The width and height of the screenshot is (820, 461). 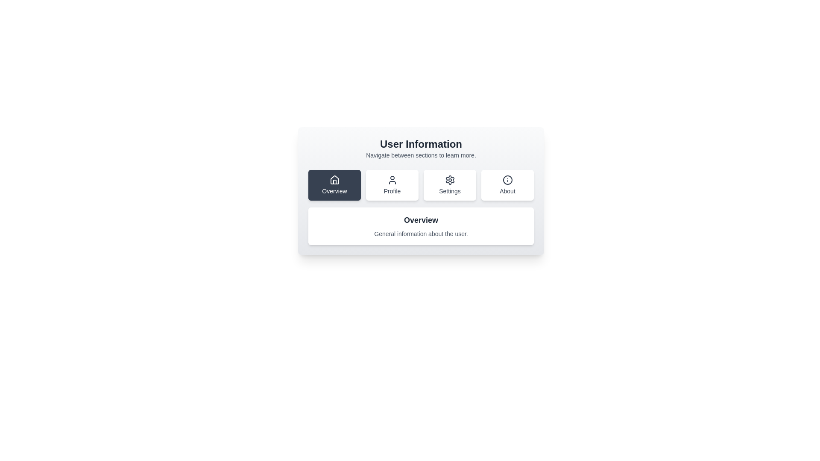 What do you see at coordinates (334, 181) in the screenshot?
I see `the vertical rectangle-like shape representing a door inside the house icon` at bounding box center [334, 181].